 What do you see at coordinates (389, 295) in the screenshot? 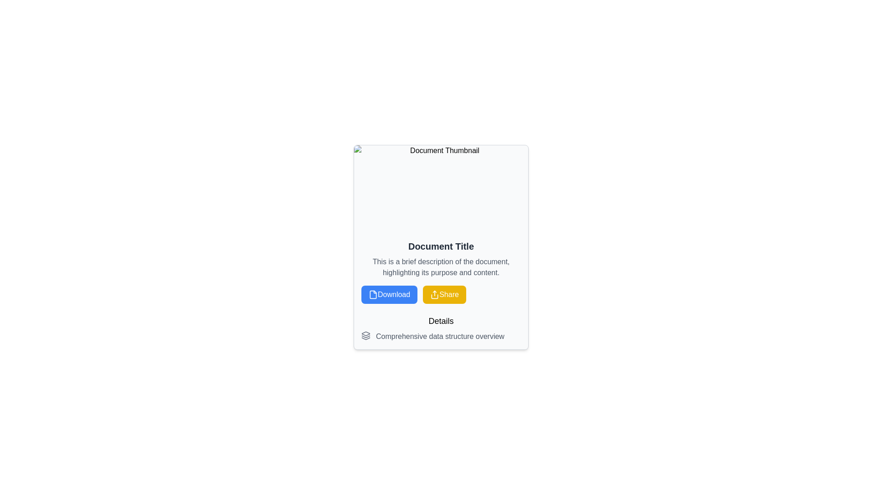
I see `the rectangular 'Download' button with a blue background and white text located at the bottom part of the card interface to initiate the download` at bounding box center [389, 295].